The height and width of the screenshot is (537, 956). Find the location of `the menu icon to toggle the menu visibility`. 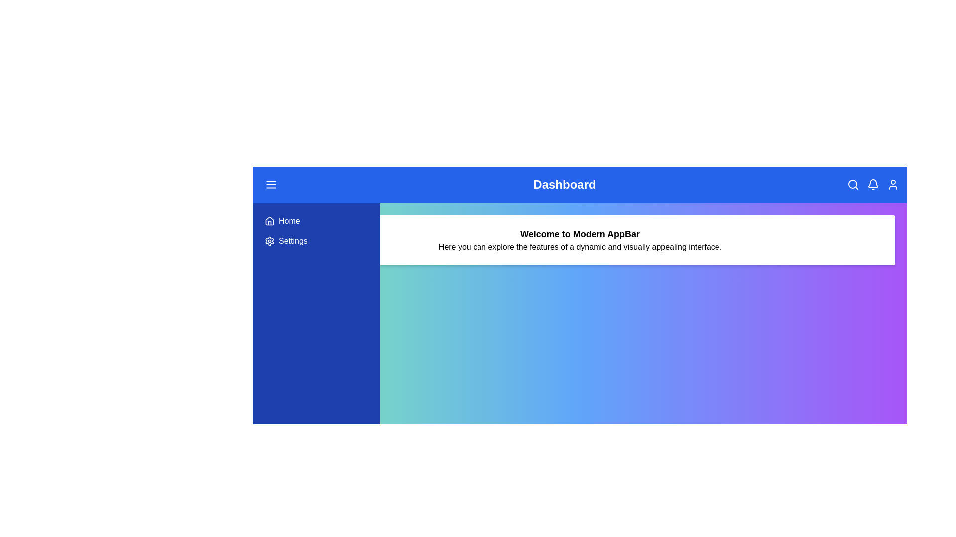

the menu icon to toggle the menu visibility is located at coordinates (271, 184).